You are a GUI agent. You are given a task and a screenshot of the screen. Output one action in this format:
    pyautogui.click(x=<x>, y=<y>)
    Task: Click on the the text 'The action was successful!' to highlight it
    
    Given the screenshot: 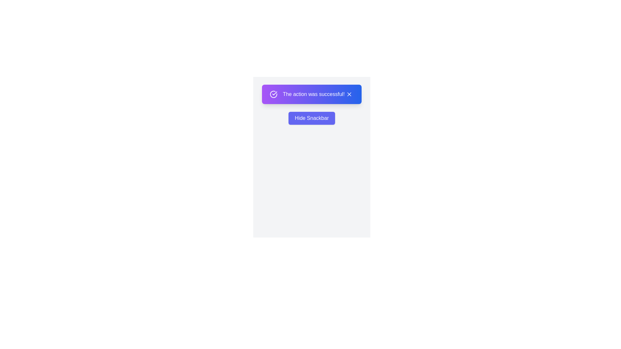 What is the action you would take?
    pyautogui.click(x=312, y=94)
    